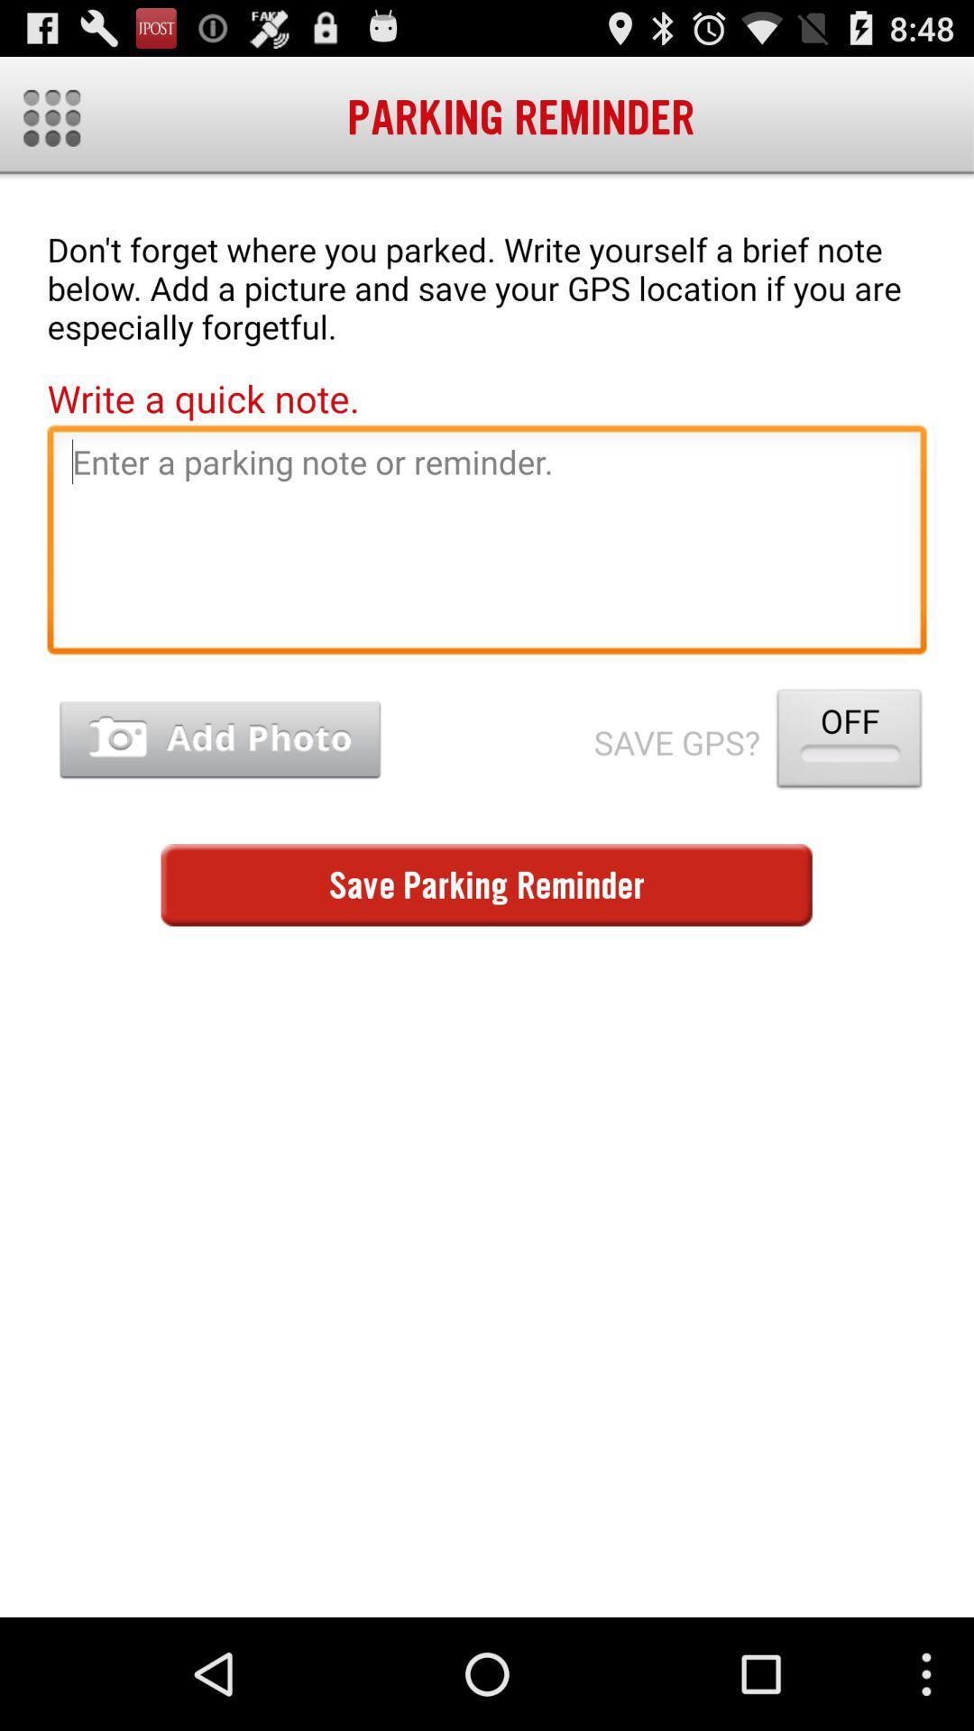  What do you see at coordinates (51, 117) in the screenshot?
I see `icon next to parking reminder item` at bounding box center [51, 117].